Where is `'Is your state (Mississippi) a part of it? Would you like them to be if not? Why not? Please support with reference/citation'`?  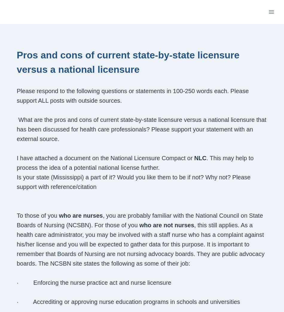
'Is your state (Mississippi) a part of it? Would you like them to be if not? Why not? Please support with reference/citation' is located at coordinates (133, 182).